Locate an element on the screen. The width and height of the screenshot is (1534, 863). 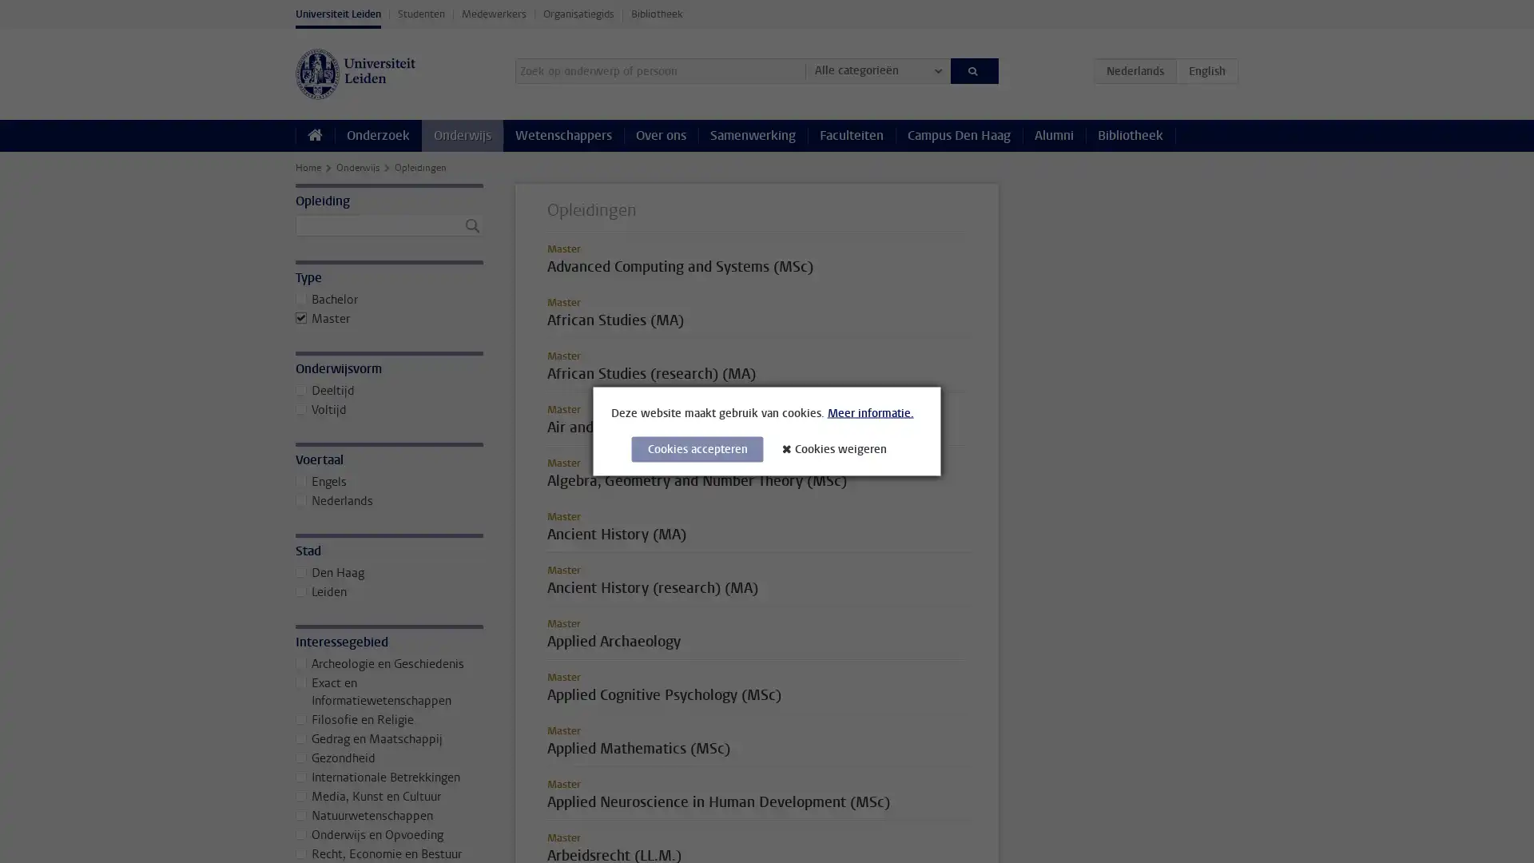
Alle categorieen is located at coordinates (876, 70).